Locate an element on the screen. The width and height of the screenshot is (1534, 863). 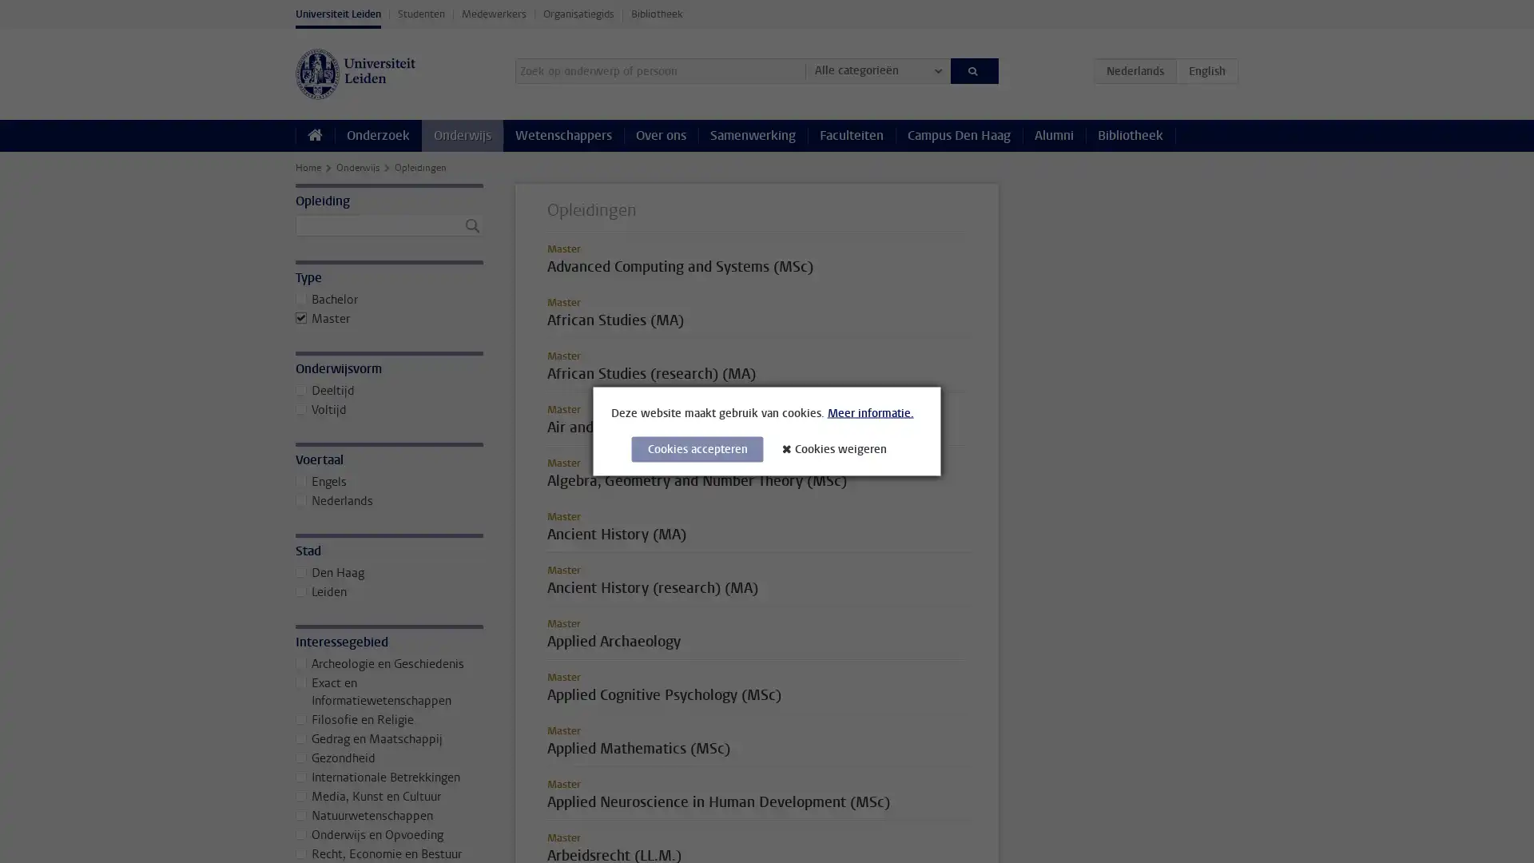
Alle categorieen is located at coordinates (876, 70).